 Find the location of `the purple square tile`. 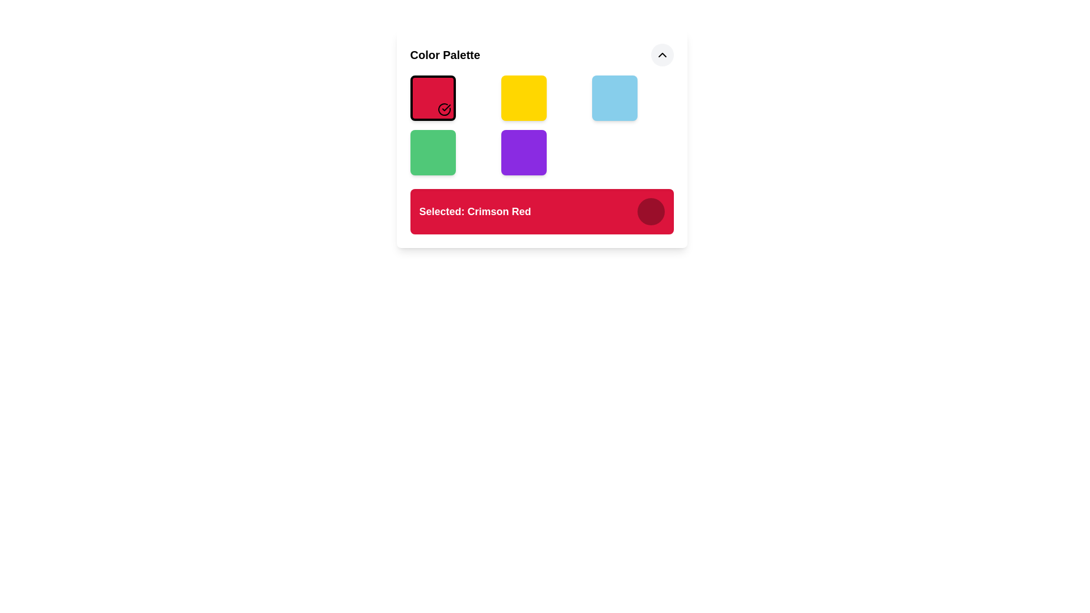

the purple square tile is located at coordinates (541, 138).